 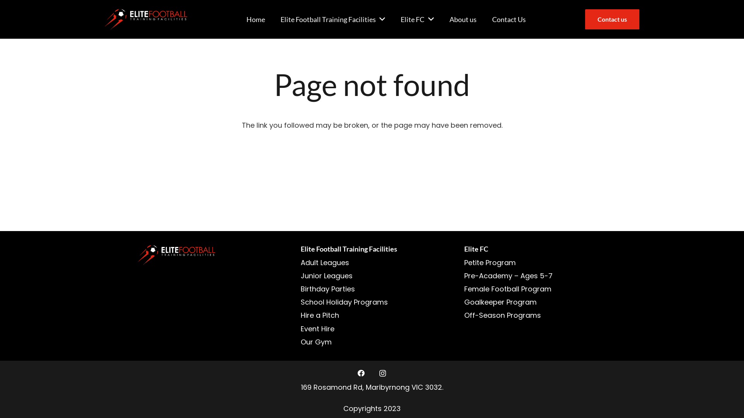 I want to click on 'Contact us', so click(x=611, y=19).